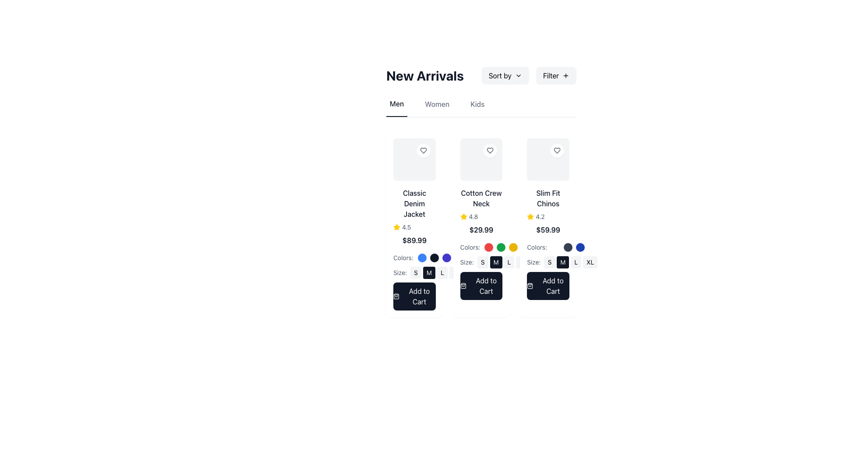 The image size is (841, 473). What do you see at coordinates (463, 286) in the screenshot?
I see `the shopping bag icon used for adding items to the shopping cart in the 'Add to Cart' button under the 'Cotton Crew Neck' item` at bounding box center [463, 286].